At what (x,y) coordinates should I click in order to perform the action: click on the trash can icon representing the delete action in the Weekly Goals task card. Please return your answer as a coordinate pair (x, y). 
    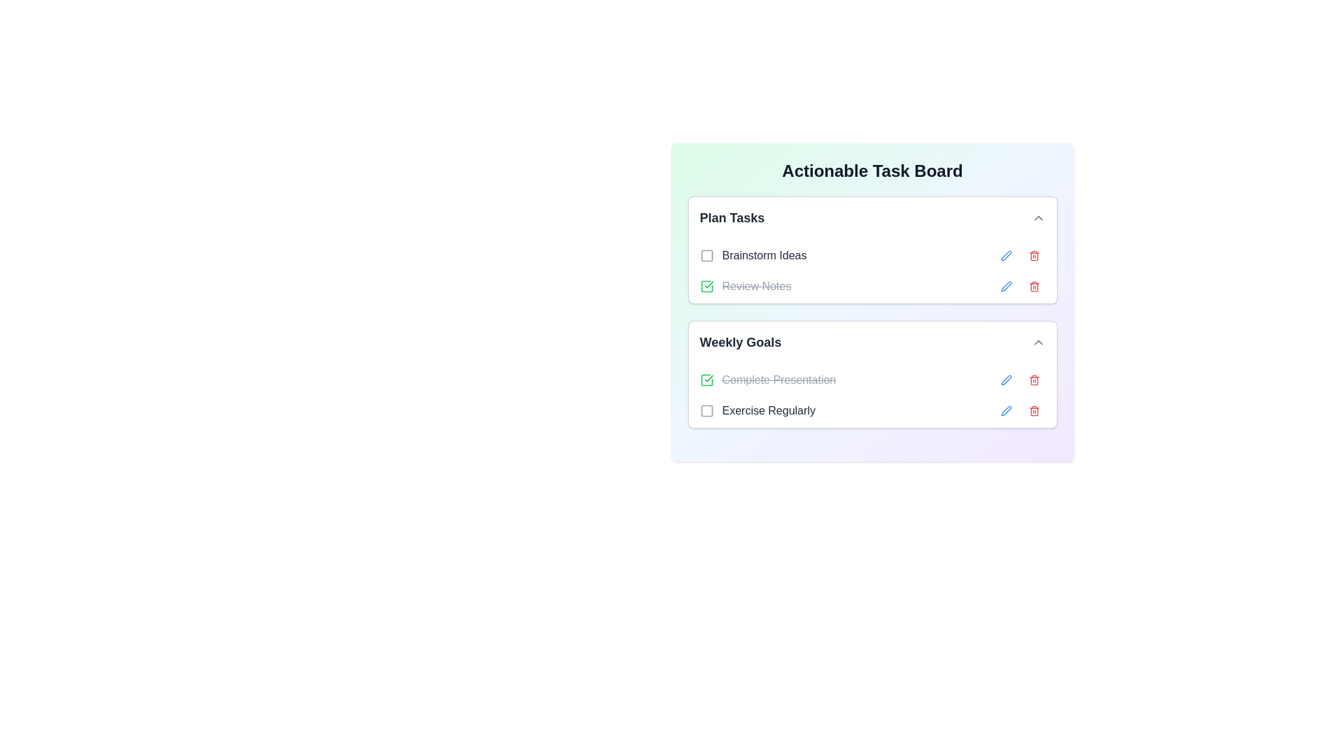
    Looking at the image, I should click on (1034, 411).